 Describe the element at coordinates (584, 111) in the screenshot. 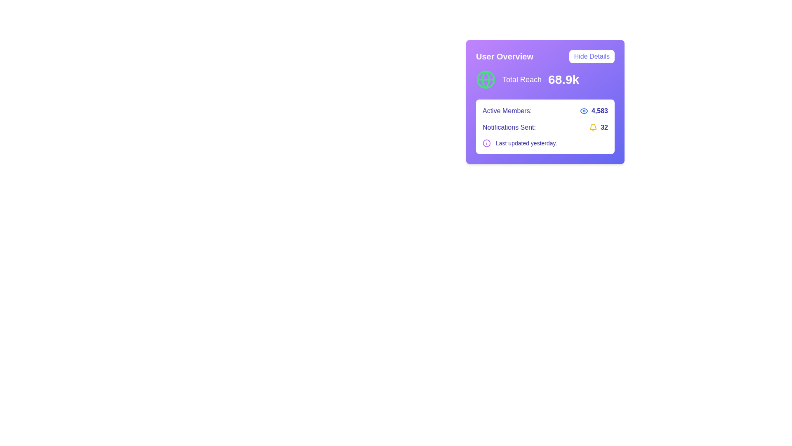

I see `the eye-shaped icon with a blue outline that is located to the left of the numerical value '4,583' in the 'Active Members:' section of the UI panel` at that location.